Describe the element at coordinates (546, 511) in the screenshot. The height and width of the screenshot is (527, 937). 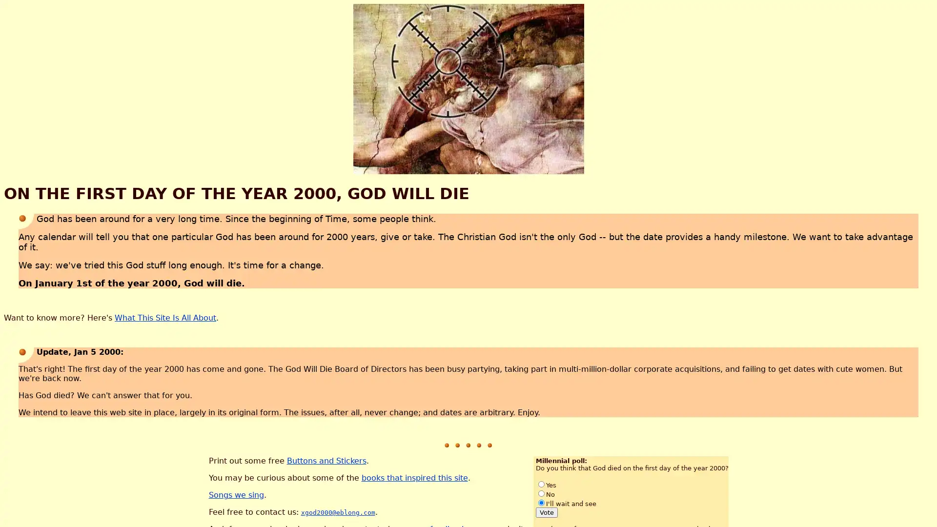
I see `Vote` at that location.